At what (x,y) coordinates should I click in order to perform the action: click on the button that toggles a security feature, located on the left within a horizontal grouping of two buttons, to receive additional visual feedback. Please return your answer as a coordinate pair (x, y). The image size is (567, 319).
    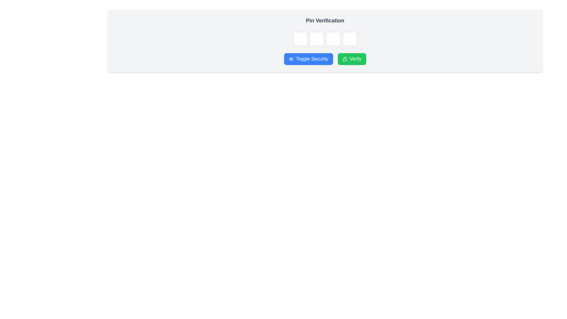
    Looking at the image, I should click on (325, 59).